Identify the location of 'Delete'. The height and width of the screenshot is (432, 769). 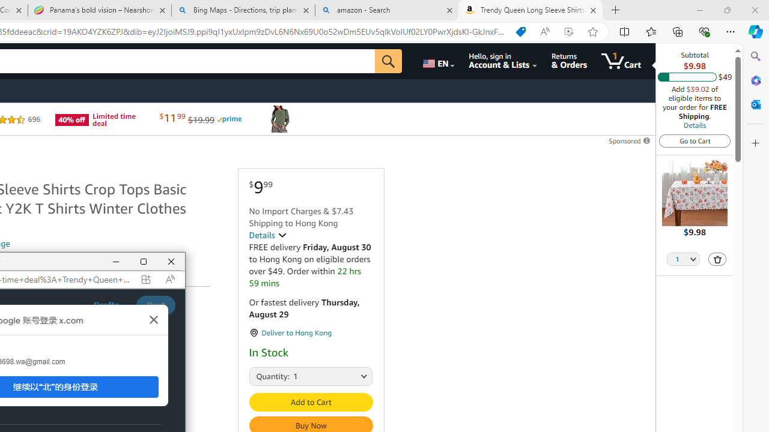
(717, 258).